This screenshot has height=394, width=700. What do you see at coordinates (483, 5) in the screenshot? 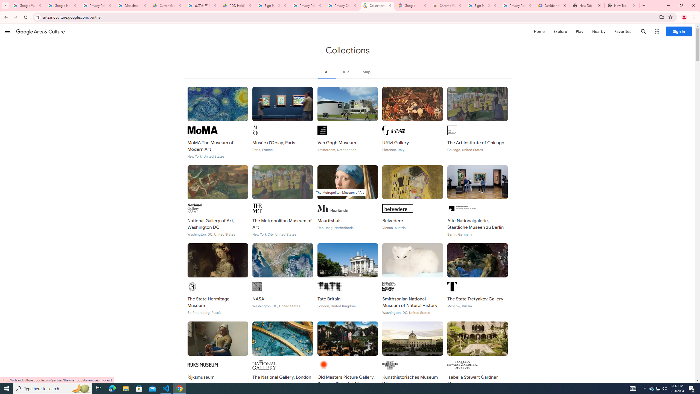
I see `'Sign in - Google Accounts'` at bounding box center [483, 5].